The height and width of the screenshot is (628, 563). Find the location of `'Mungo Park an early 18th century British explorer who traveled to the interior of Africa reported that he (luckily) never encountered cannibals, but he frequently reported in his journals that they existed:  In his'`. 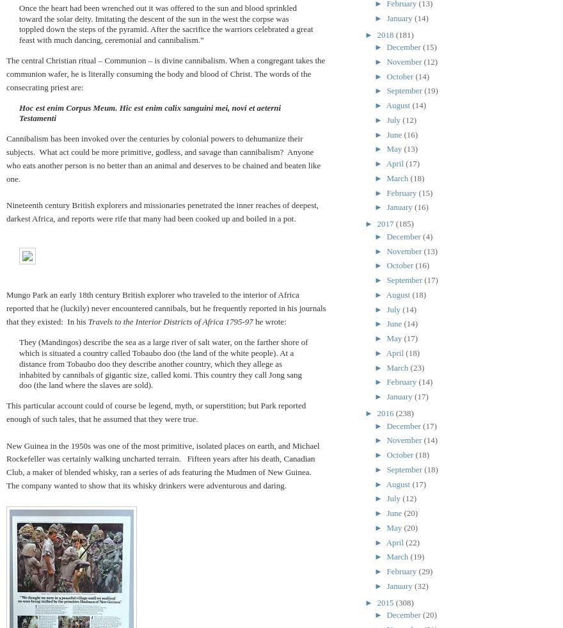

'Mungo Park an early 18th century British explorer who traveled to the interior of Africa reported that he (luckily) never encountered cannibals, but he frequently reported in his journals that they existed:  In his' is located at coordinates (6, 307).